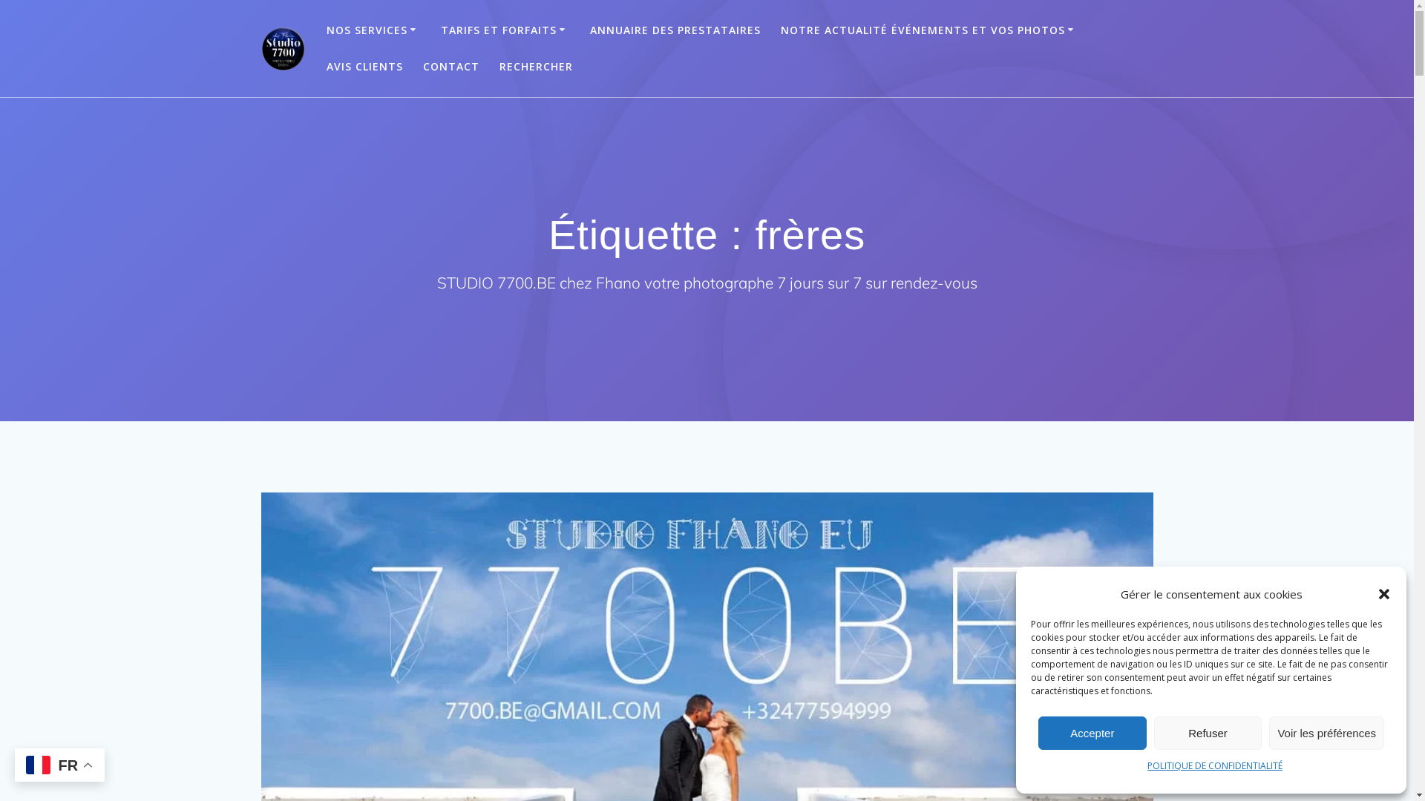 This screenshot has width=1425, height=801. Describe the element at coordinates (326, 30) in the screenshot. I see `'NOS SERVICES'` at that location.